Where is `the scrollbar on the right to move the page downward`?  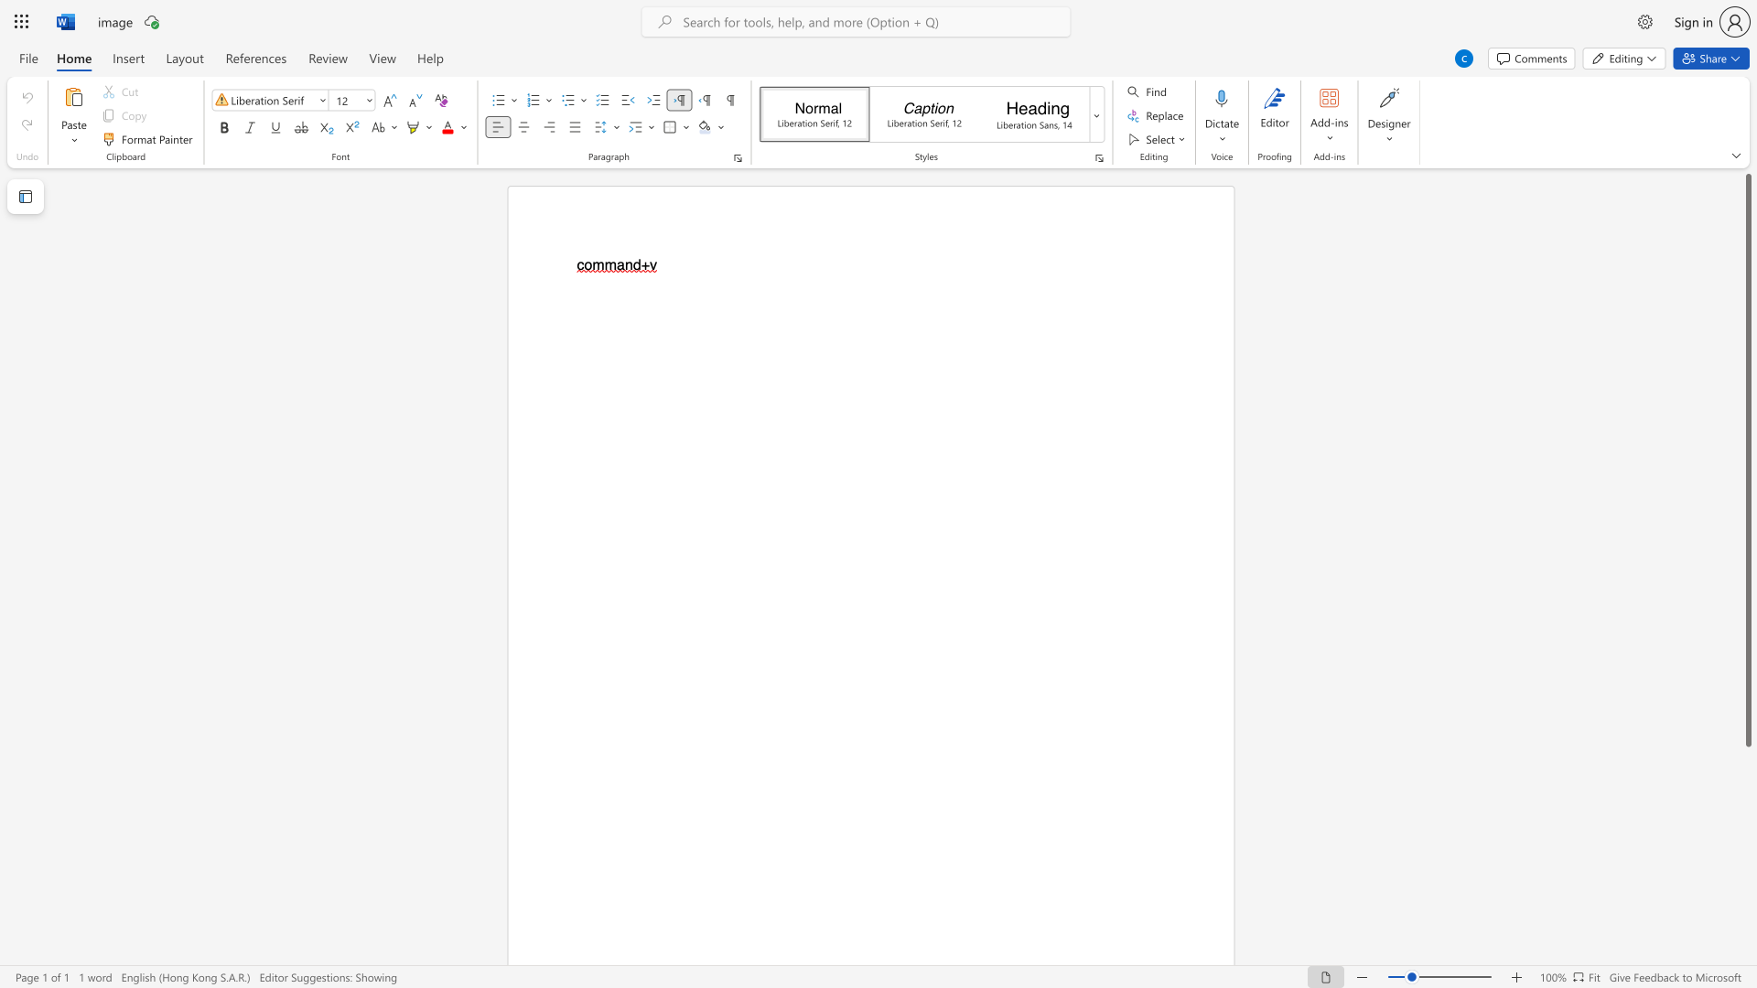
the scrollbar on the right to move the page downward is located at coordinates (1747, 850).